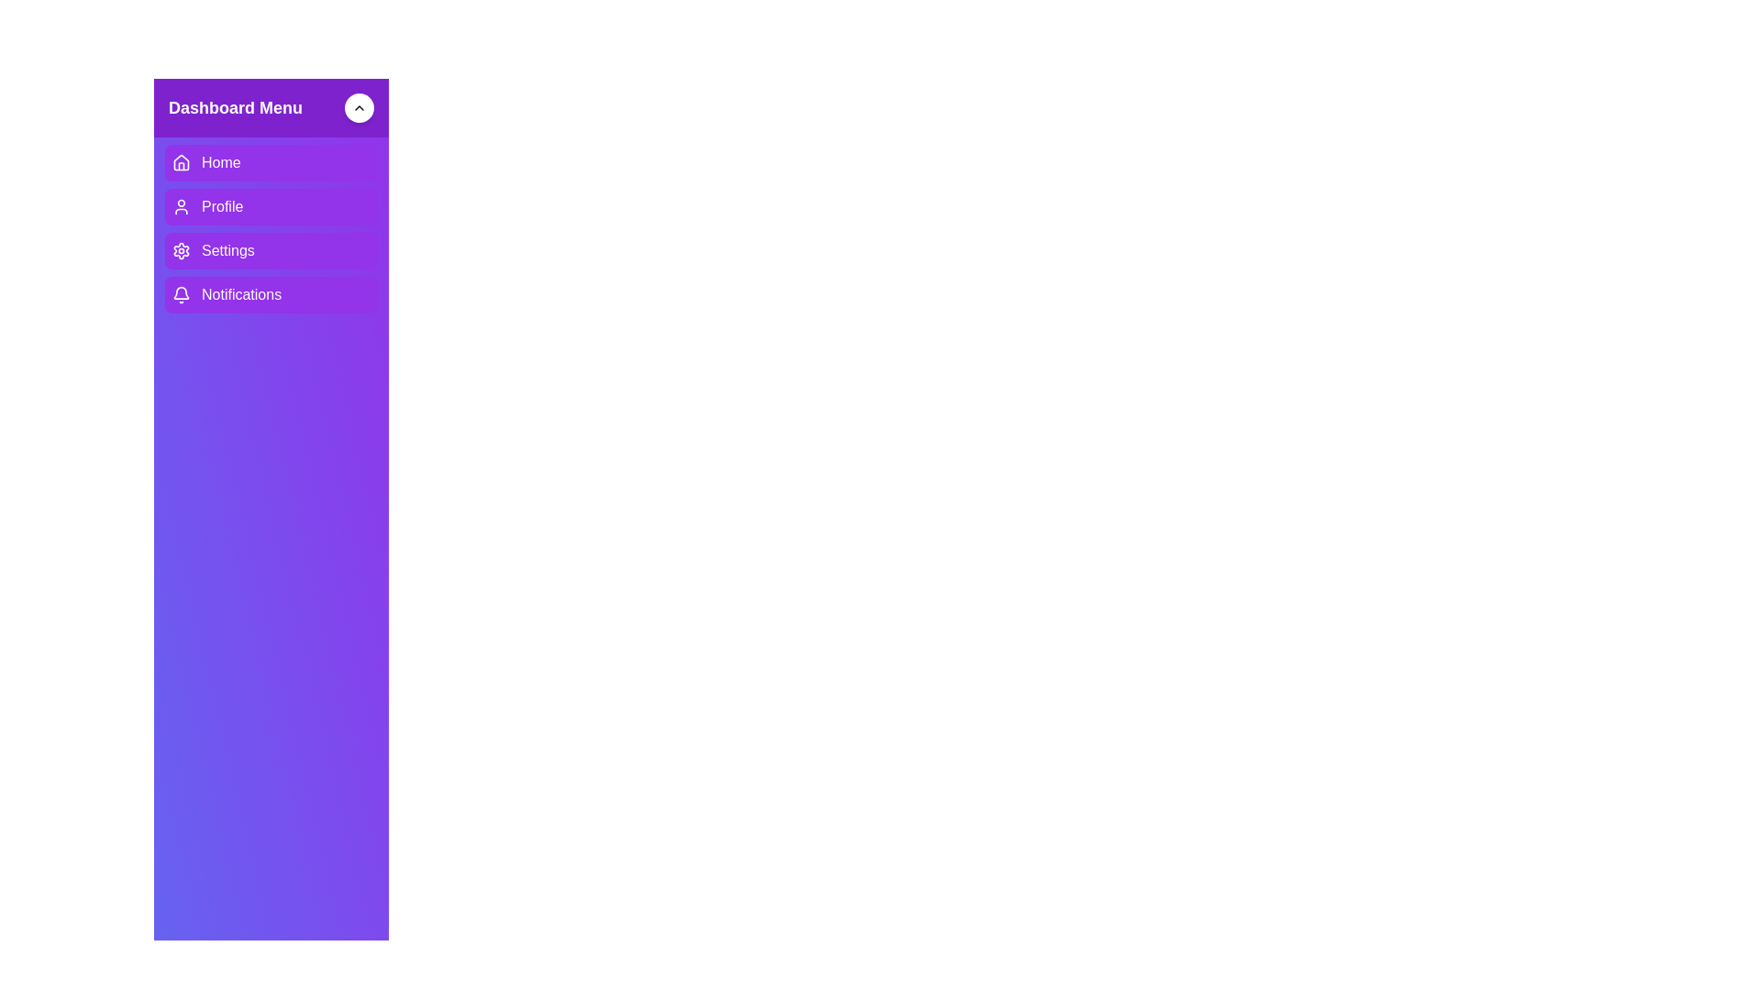  Describe the element at coordinates (360, 108) in the screenshot. I see `the upward-pointing chevron icon located at the center of the circular button in the top-right corner of the sidebar` at that location.